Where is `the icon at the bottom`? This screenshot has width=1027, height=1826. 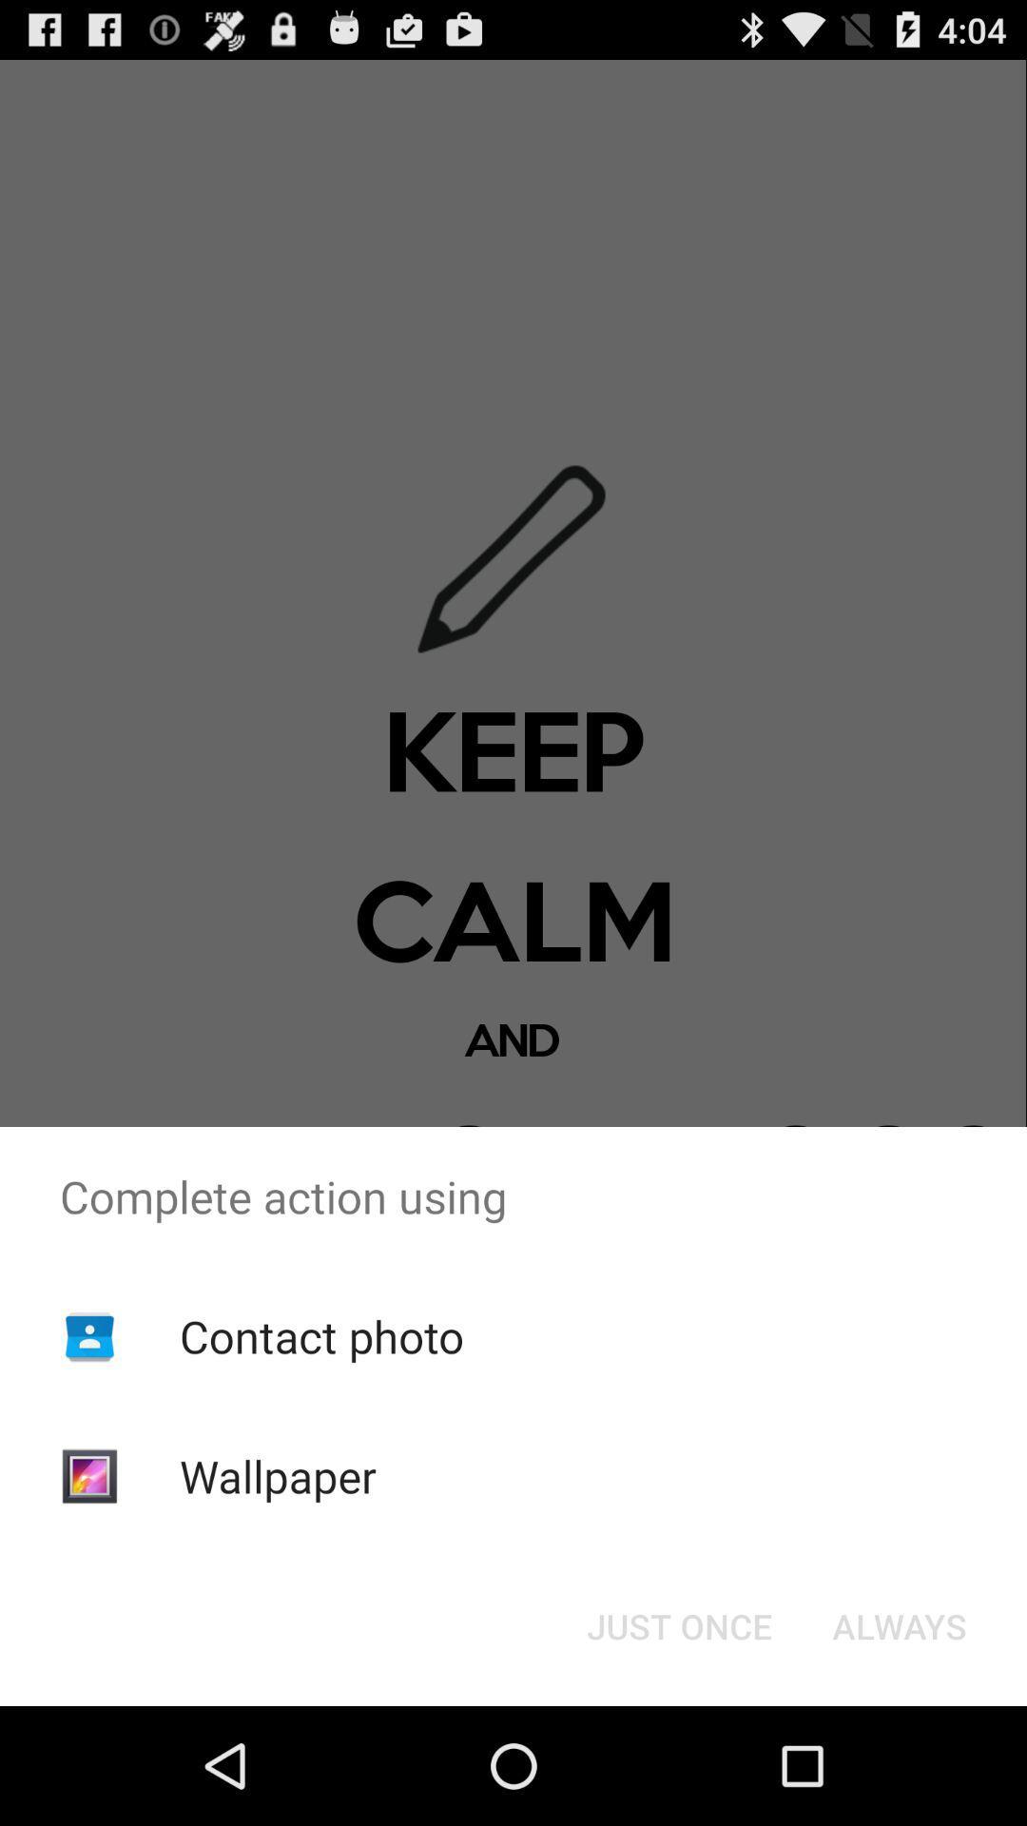 the icon at the bottom is located at coordinates (678, 1624).